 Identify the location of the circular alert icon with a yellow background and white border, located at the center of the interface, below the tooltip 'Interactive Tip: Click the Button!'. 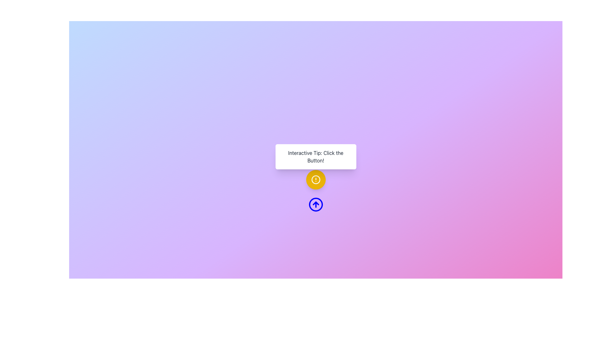
(316, 179).